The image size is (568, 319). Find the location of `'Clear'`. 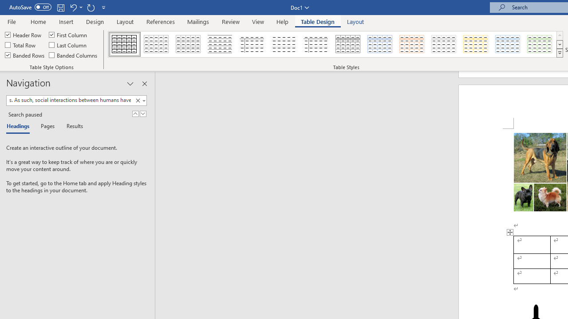

'Clear' is located at coordinates (138, 100).